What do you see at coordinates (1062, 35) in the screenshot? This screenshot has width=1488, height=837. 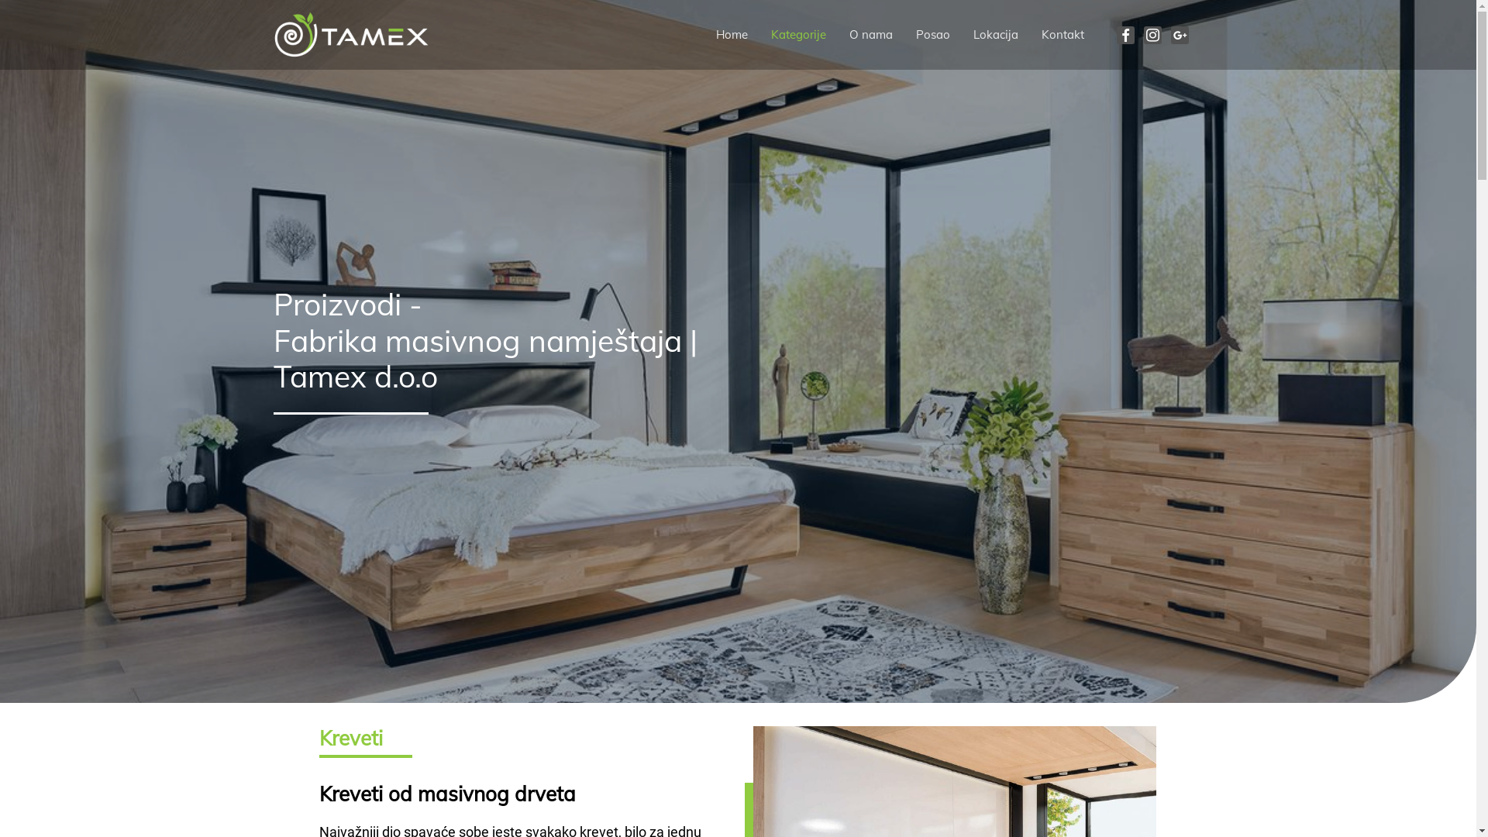 I see `'Kontakt'` at bounding box center [1062, 35].